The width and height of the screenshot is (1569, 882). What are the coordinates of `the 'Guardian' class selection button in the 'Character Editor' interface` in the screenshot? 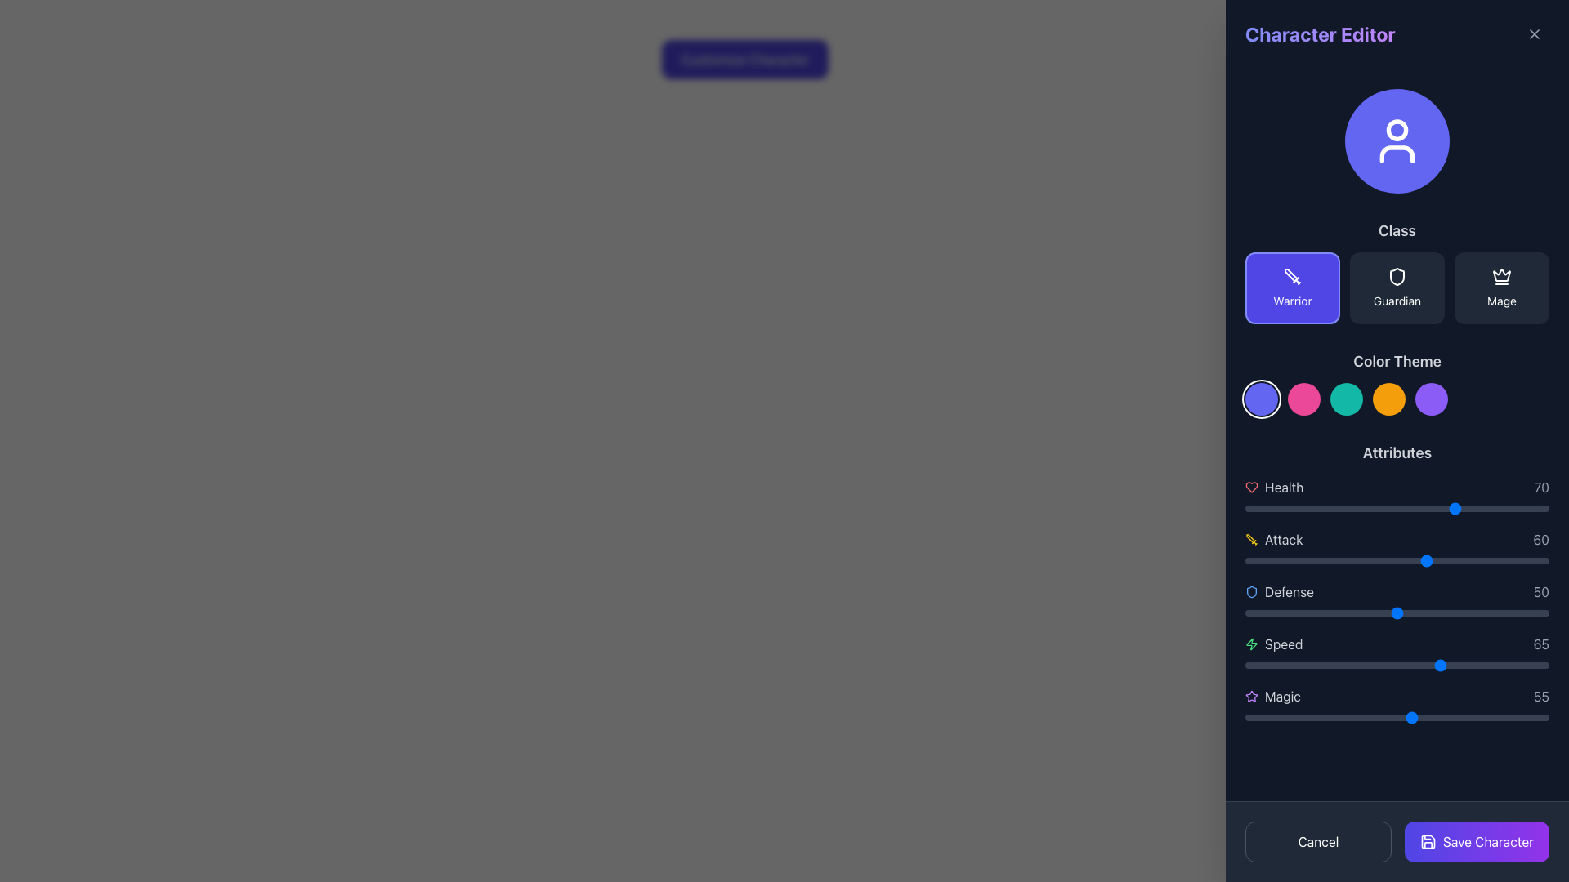 It's located at (1396, 287).